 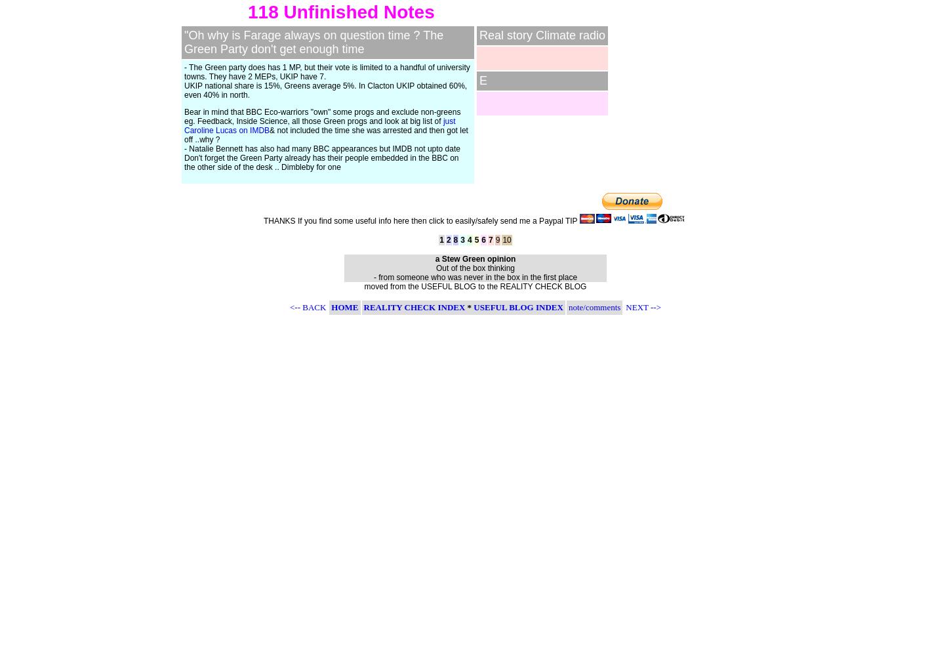 What do you see at coordinates (474, 287) in the screenshot?
I see `'moved from the USEFUL BLOG to the REALITY CHECK BLOG'` at bounding box center [474, 287].